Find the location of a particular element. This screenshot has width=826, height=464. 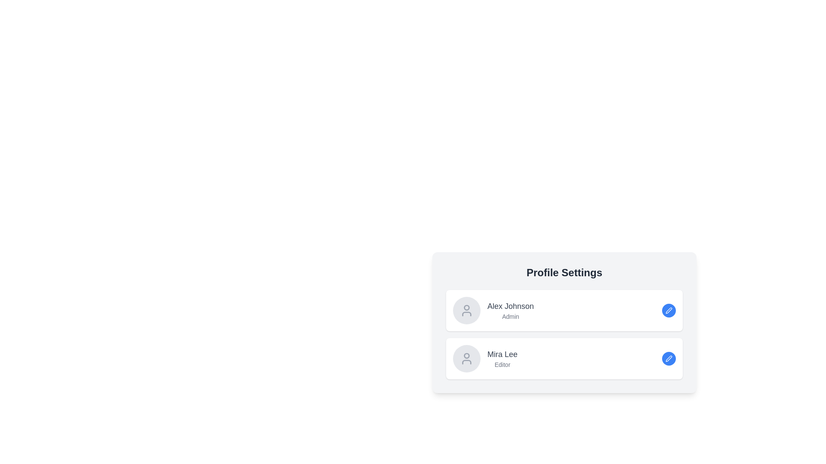

the circular button with a blue background and white pen icon located in the top right corner of 'Alex Johnson, Admin' in the 'Profile Settings' card is located at coordinates (669, 310).